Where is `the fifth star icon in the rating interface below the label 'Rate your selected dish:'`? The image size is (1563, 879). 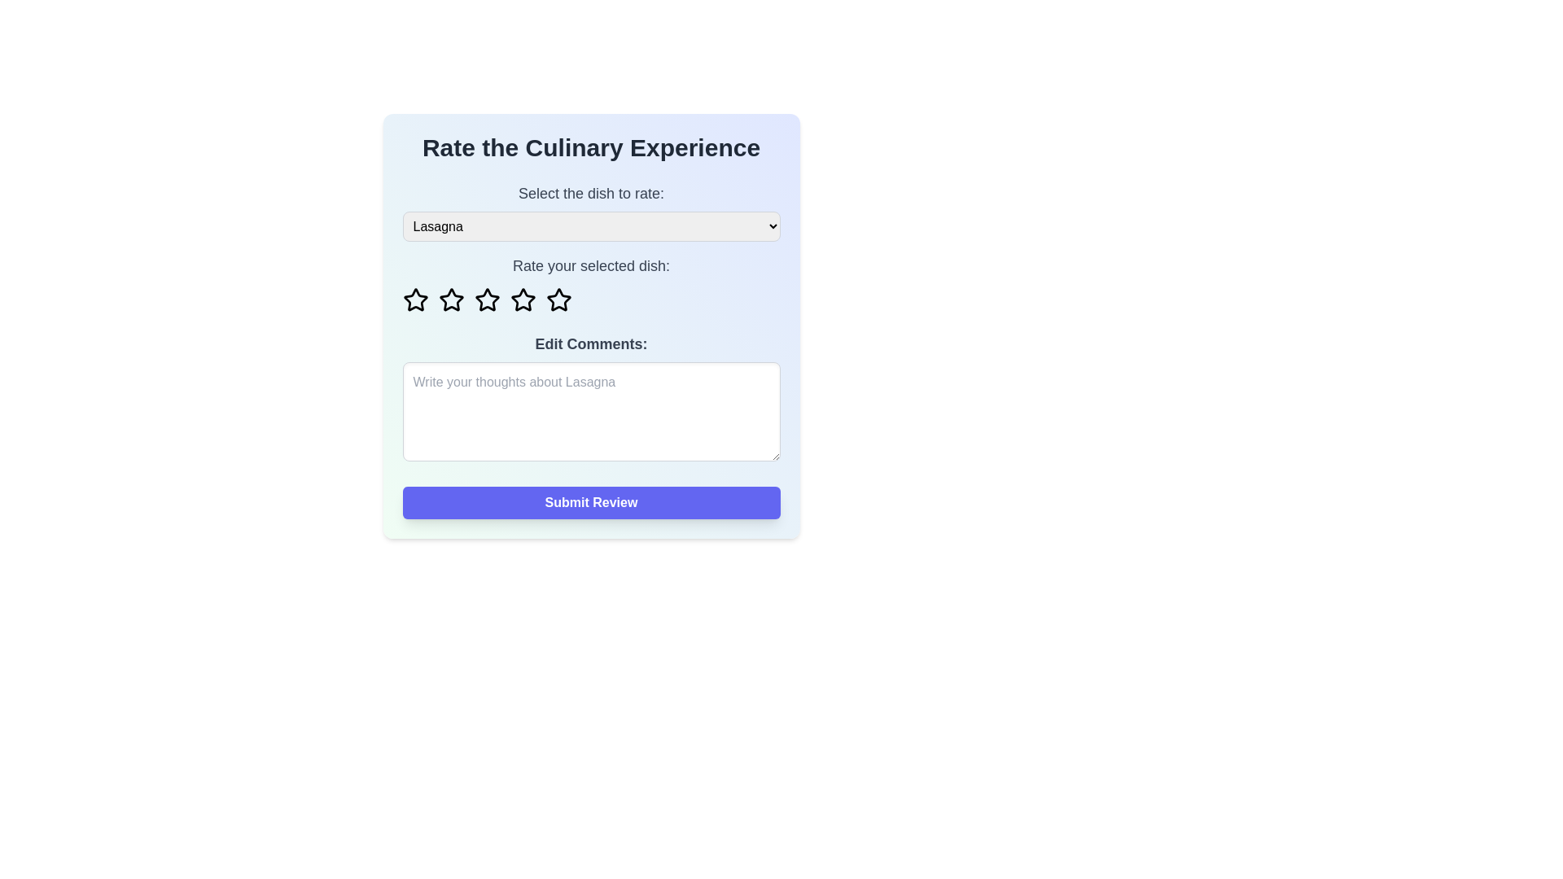
the fifth star icon in the rating interface below the label 'Rate your selected dish:' is located at coordinates (558, 300).